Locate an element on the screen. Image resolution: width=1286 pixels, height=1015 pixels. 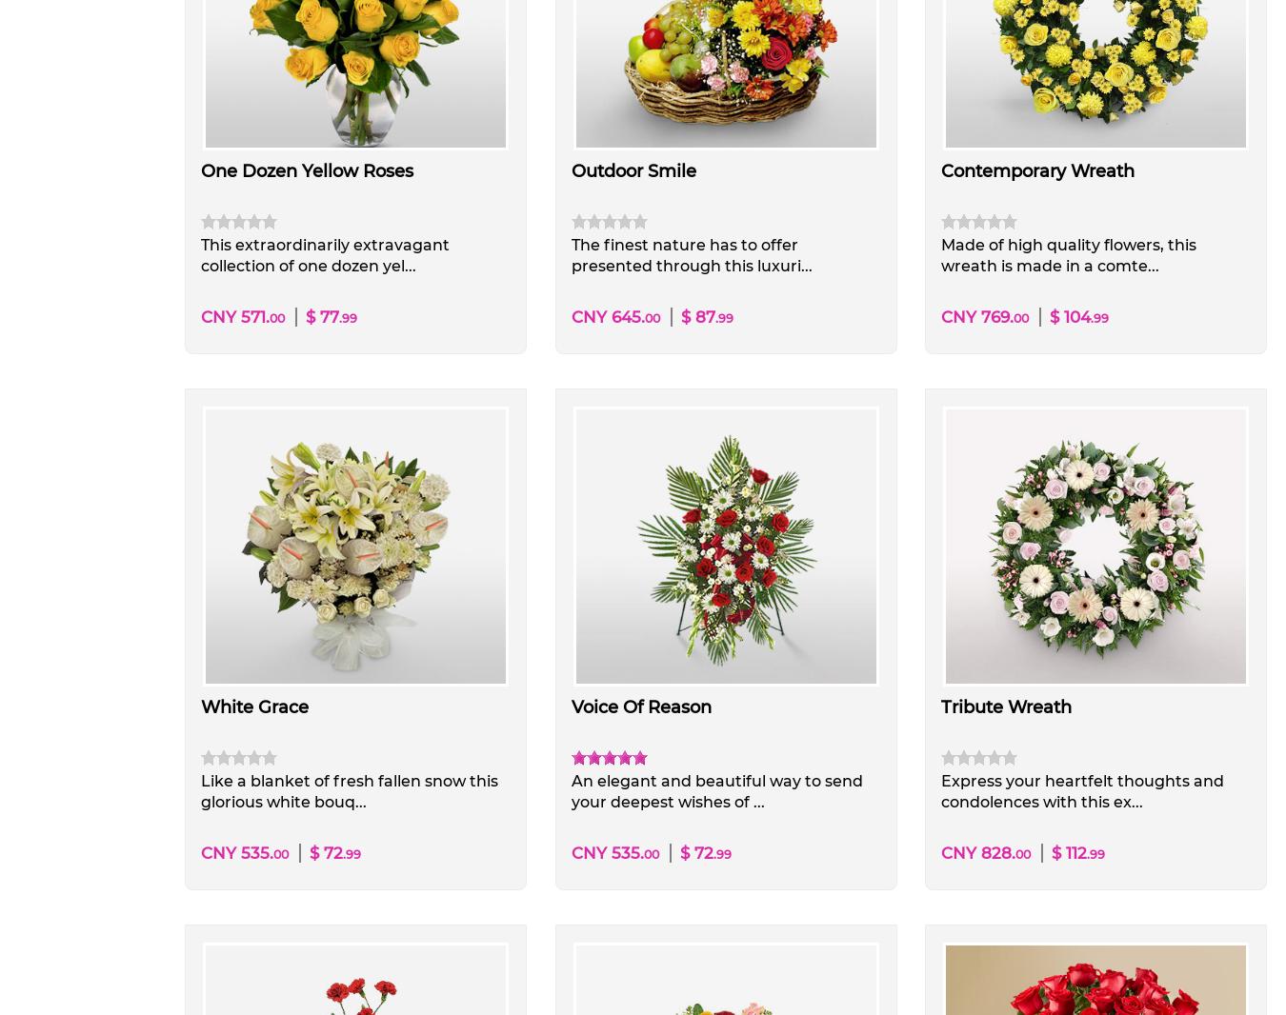
'$ 77' is located at coordinates (305, 317).